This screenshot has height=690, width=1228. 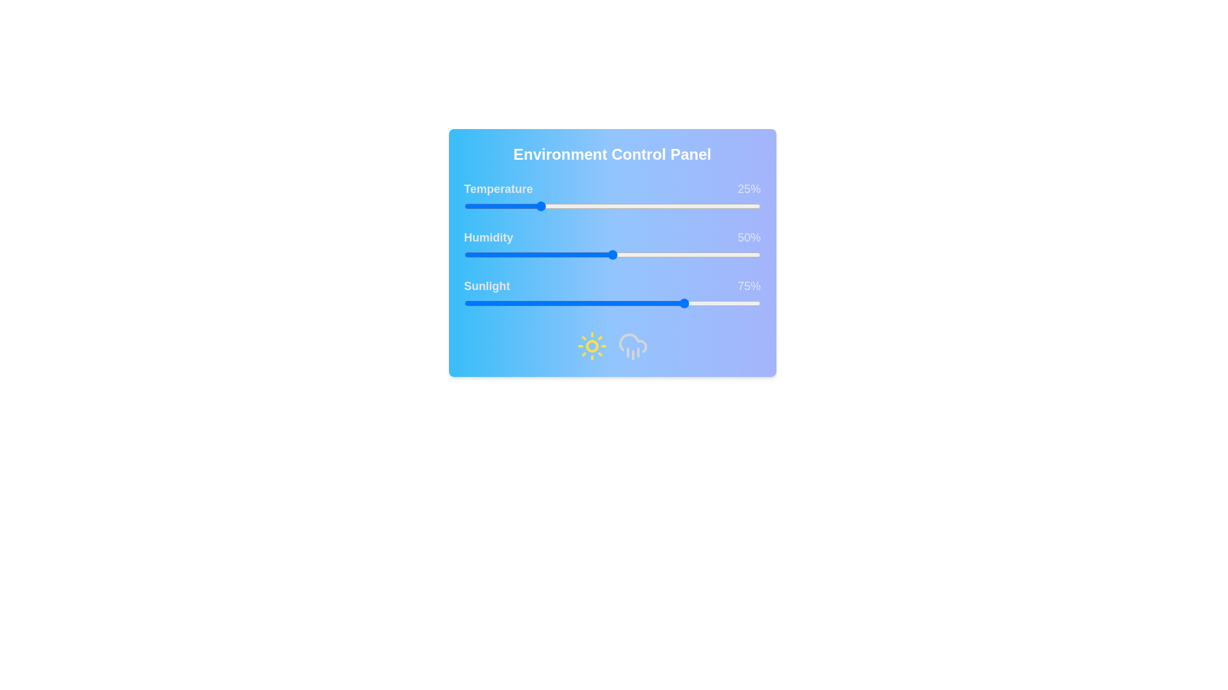 I want to click on the CloudRain icon located in the Environment Control Panel, so click(x=633, y=346).